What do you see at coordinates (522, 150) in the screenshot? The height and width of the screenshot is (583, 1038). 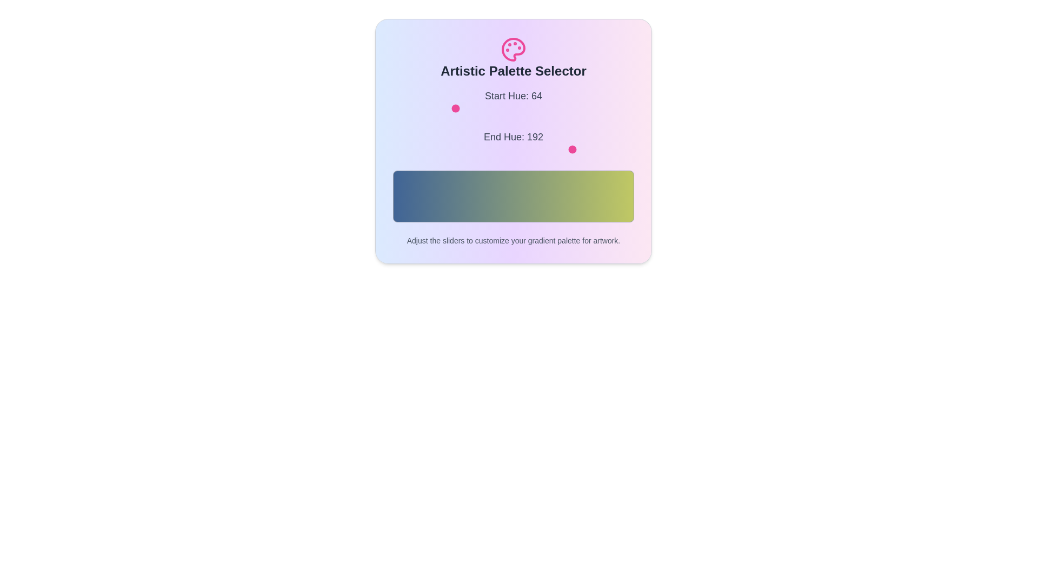 I see `the 'End Hue' slider to 137` at bounding box center [522, 150].